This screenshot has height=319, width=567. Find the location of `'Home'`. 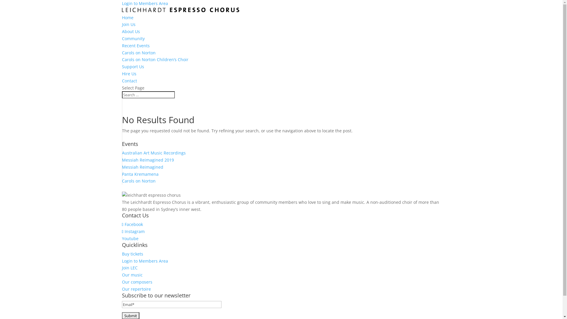

'Home' is located at coordinates (127, 17).